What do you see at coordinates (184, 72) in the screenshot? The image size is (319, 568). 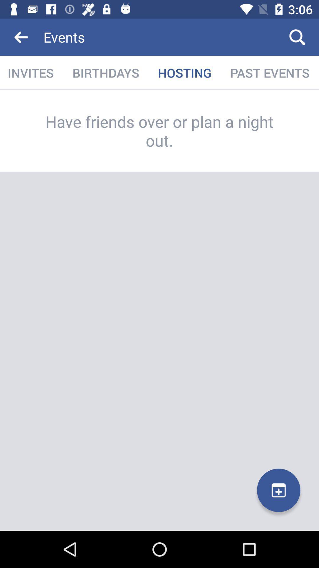 I see `icon next to birthdays` at bounding box center [184, 72].